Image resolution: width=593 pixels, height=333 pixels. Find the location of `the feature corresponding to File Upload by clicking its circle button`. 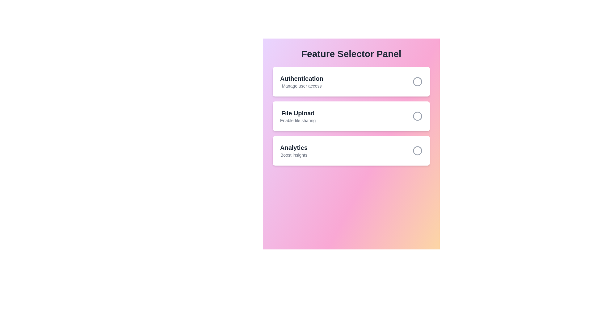

the feature corresponding to File Upload by clicking its circle button is located at coordinates (418, 116).